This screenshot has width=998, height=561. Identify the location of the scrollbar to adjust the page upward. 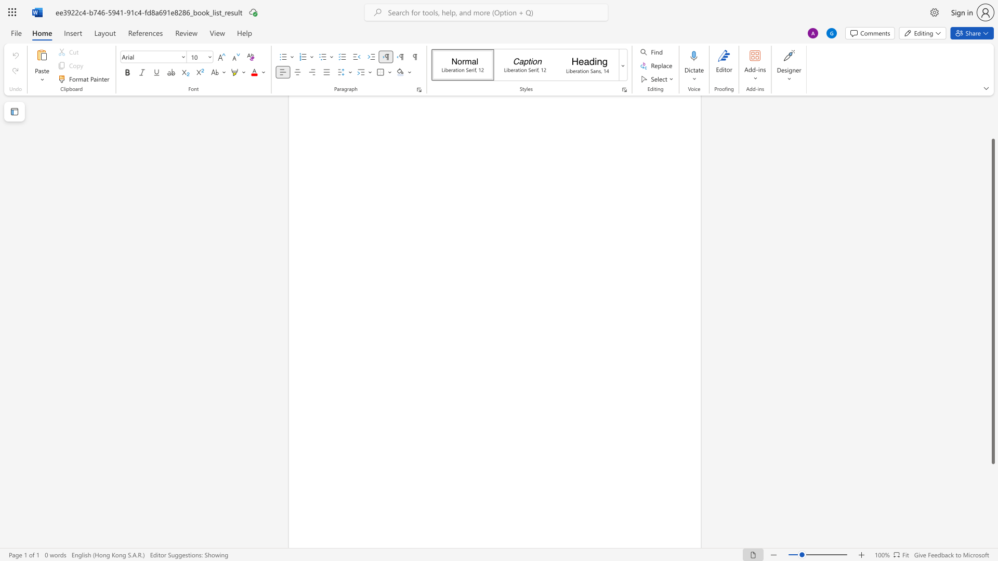
(992, 129).